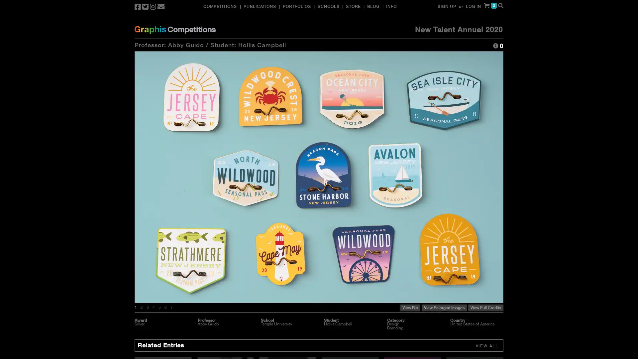 The width and height of the screenshot is (638, 359). I want to click on Next, so click(448, 177).